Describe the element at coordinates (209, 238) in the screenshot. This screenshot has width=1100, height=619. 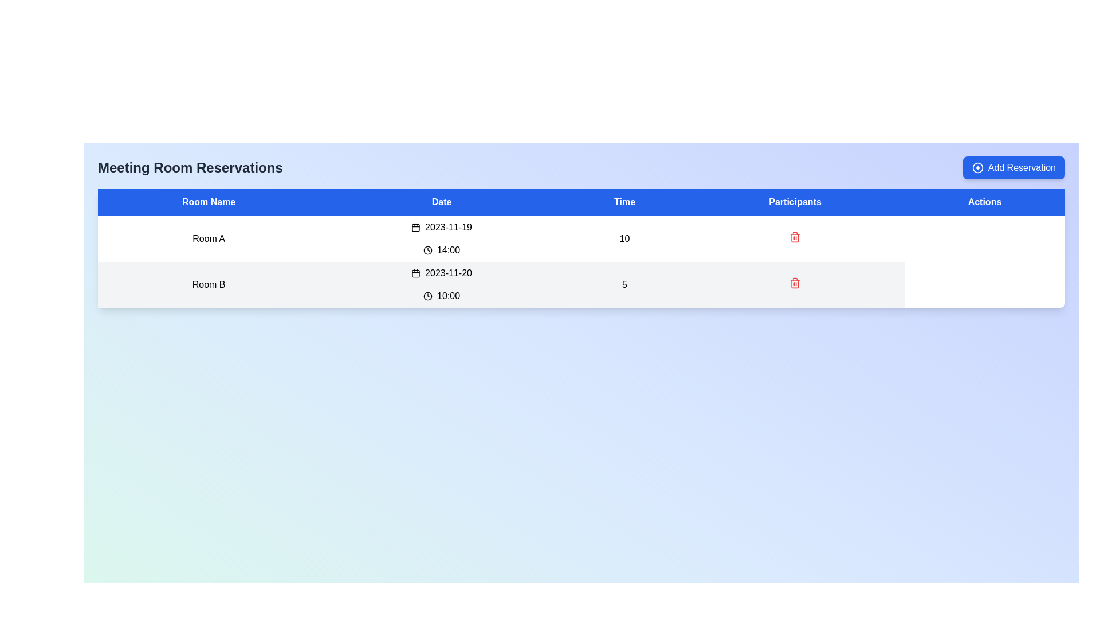
I see `the text label displaying 'Room A' in the first cell under the 'Room Name' column of the data table` at that location.